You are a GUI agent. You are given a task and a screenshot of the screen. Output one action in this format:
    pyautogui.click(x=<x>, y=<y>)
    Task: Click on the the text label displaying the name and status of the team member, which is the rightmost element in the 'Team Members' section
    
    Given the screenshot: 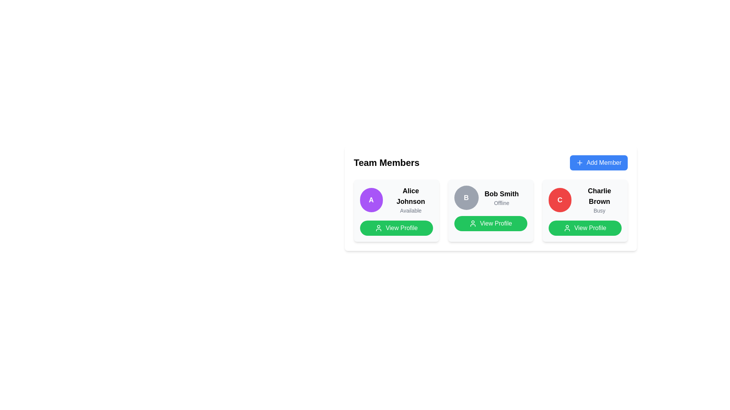 What is the action you would take?
    pyautogui.click(x=599, y=200)
    